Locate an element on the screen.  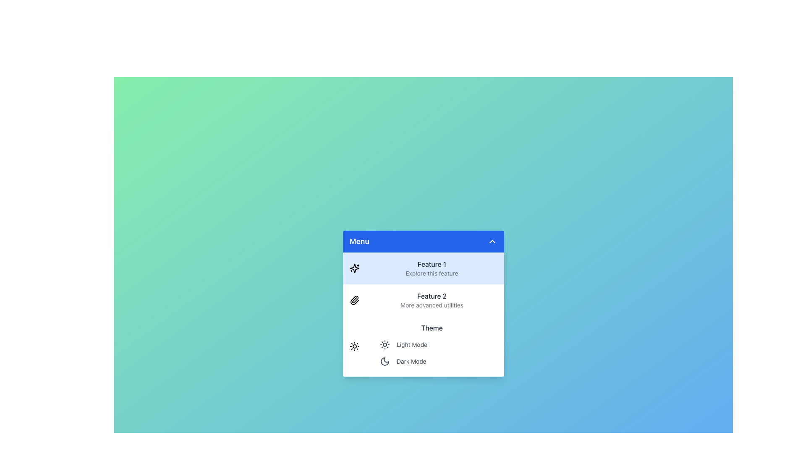
the text label that reads 'More advanced utilities', which is styled with a small font size and gray color, located below 'Feature 2' in a dropdown menu layout is located at coordinates (432, 305).